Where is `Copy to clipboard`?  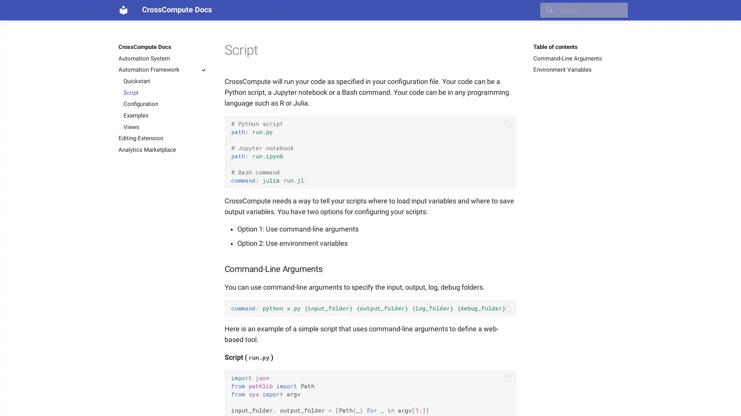
Copy to clipboard is located at coordinates (508, 123).